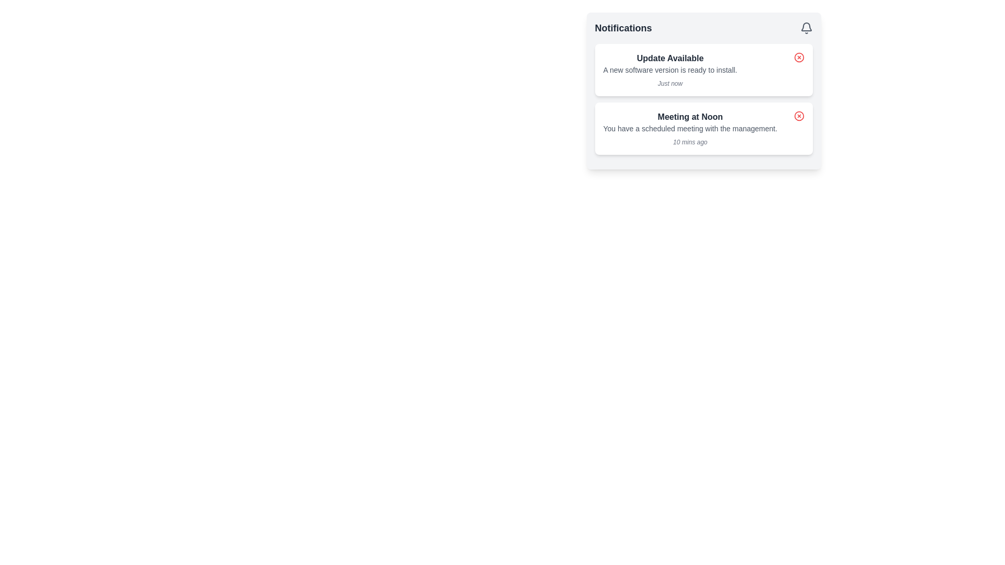 The image size is (1005, 565). What do you see at coordinates (798, 116) in the screenshot?
I see `the dismiss button located in the top-right corner of the 'Meeting at Noon' notification card` at bounding box center [798, 116].